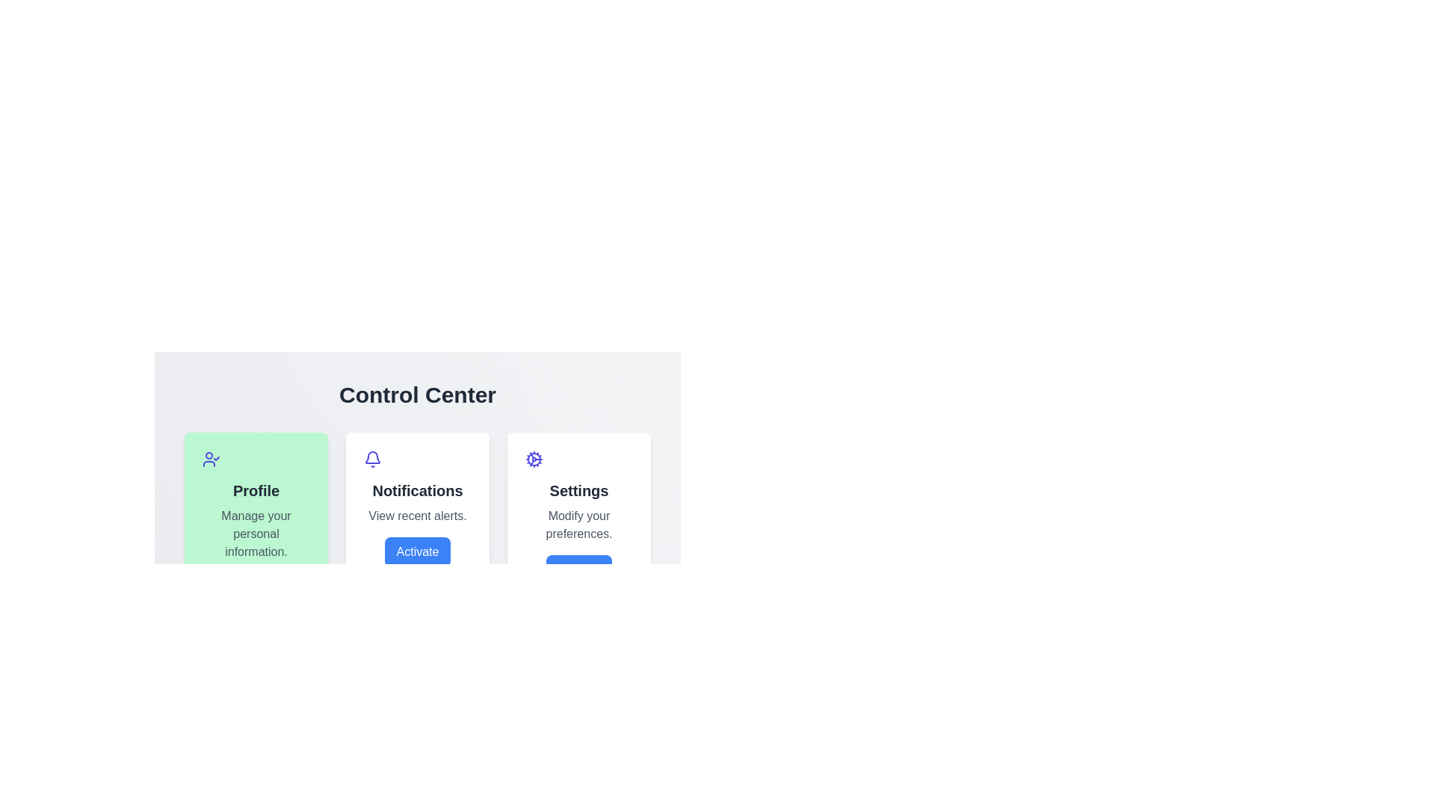 The width and height of the screenshot is (1435, 807). Describe the element at coordinates (256, 533) in the screenshot. I see `the static text label that provides a description for the 'Profile' section, located beneath the 'Profile' text and above the 'Open' button` at that location.